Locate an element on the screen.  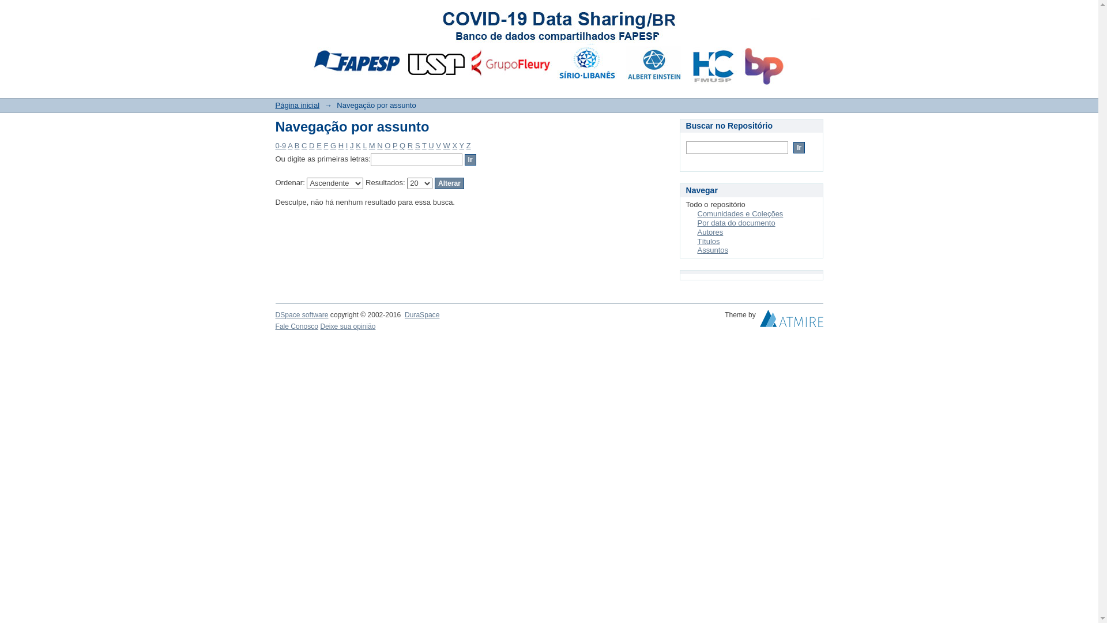
'K' is located at coordinates (357, 145).